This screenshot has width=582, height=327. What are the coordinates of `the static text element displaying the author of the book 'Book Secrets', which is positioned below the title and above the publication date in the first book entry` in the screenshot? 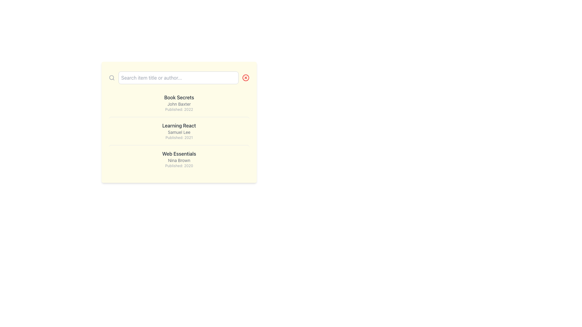 It's located at (179, 104).